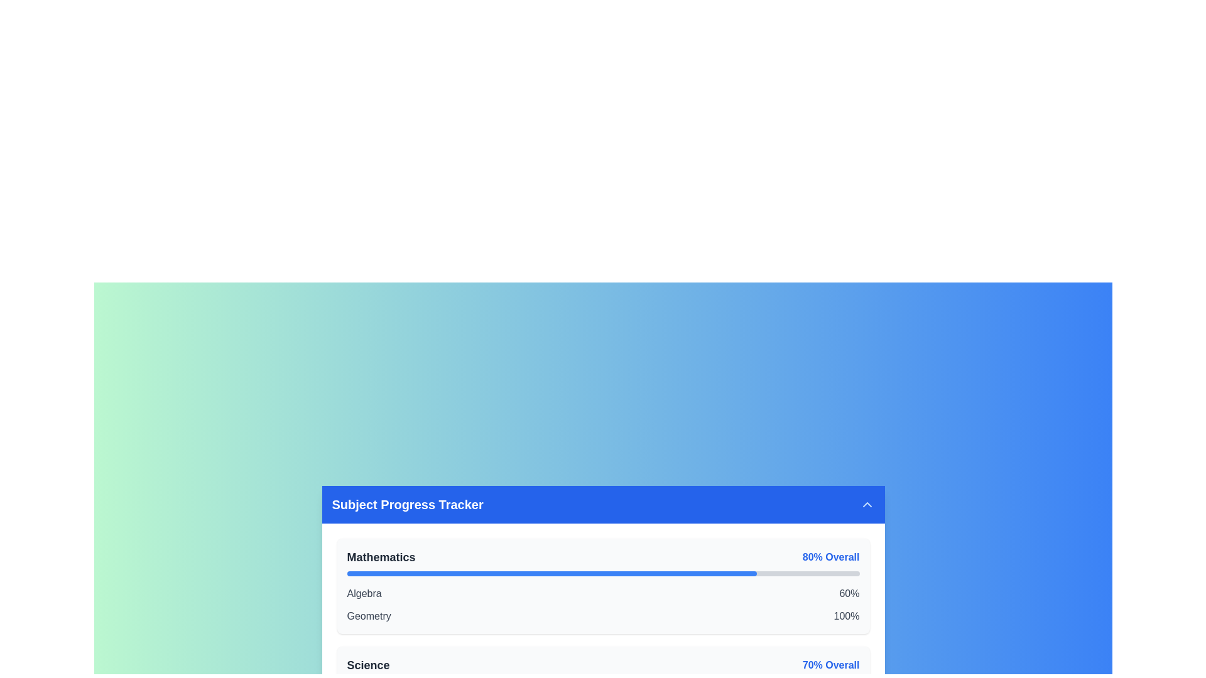 This screenshot has width=1206, height=678. I want to click on title text of the heading element located at the left side of the header bar in the progress tracking interface, so click(408, 503).